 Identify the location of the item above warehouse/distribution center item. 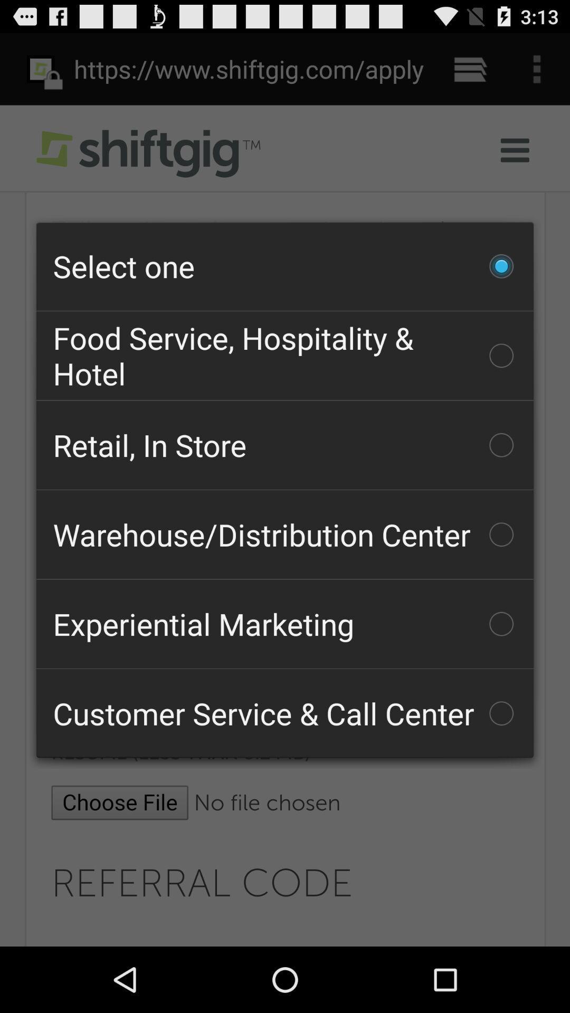
(285, 445).